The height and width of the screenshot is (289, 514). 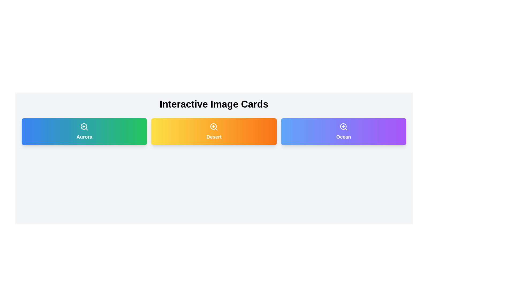 What do you see at coordinates (214, 127) in the screenshot?
I see `the zoom-in icon located on the 'Desert' card` at bounding box center [214, 127].